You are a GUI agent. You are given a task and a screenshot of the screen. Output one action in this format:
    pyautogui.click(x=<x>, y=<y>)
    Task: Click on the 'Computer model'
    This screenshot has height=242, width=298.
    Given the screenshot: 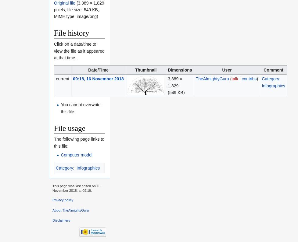 What is the action you would take?
    pyautogui.click(x=60, y=155)
    